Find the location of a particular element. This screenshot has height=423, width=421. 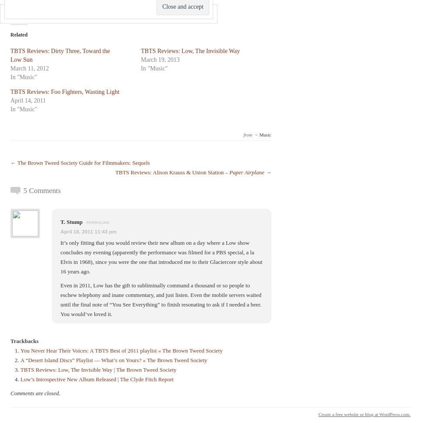

'It’s only fitting that you would review their new album on a day where a Low show concludes my evening (apparently the performance was filmed for a PBS special, a la Elvis in 1968), since you were the one that introduced me to their Glaciercore style about 16 years ago.' is located at coordinates (161, 257).